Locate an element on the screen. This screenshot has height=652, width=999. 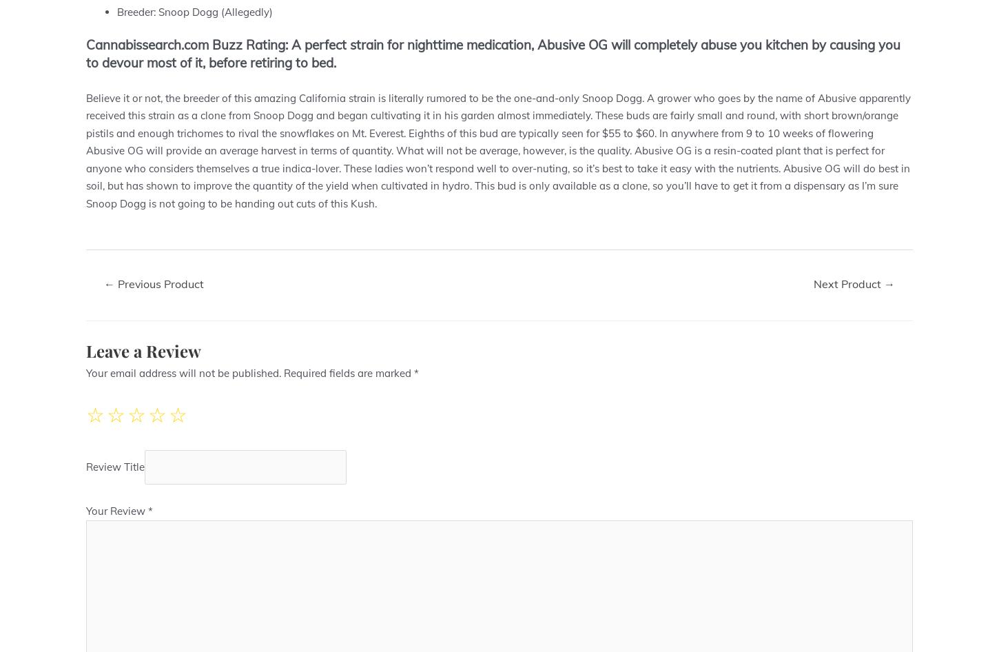
'Cannabissearch.com Buzz Rating: A perfect strain for nighttime medication, Abusive OG will completely abuse you kitchen by causing you to devour most of it, before retiring to bed.' is located at coordinates (493, 53).